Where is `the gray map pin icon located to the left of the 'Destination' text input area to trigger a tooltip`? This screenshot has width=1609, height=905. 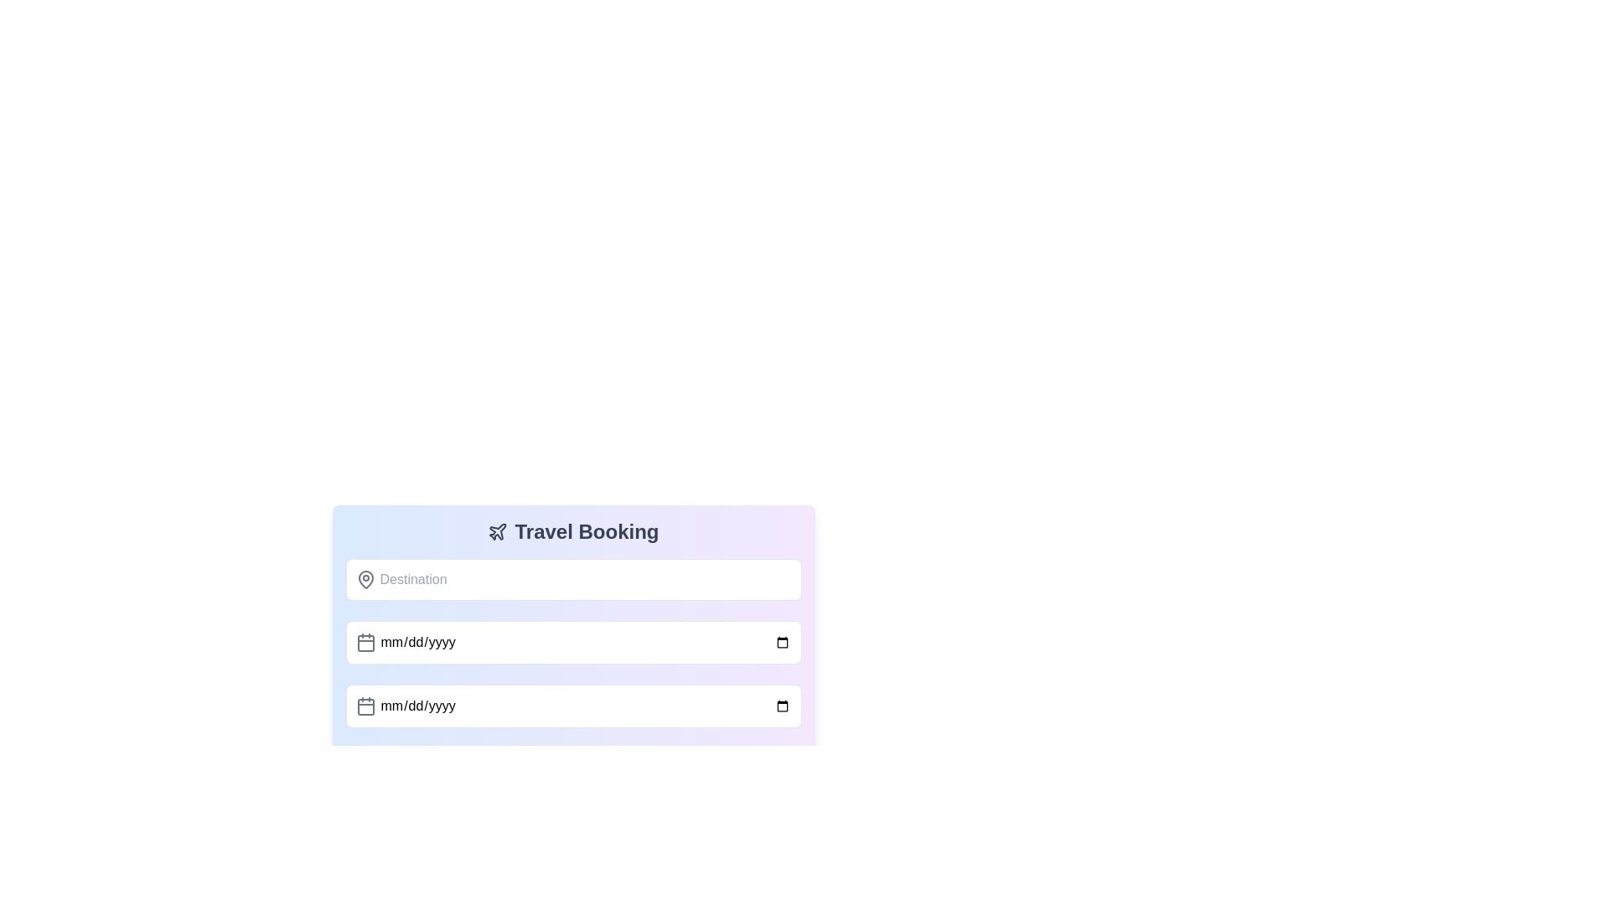
the gray map pin icon located to the left of the 'Destination' text input area to trigger a tooltip is located at coordinates (365, 578).